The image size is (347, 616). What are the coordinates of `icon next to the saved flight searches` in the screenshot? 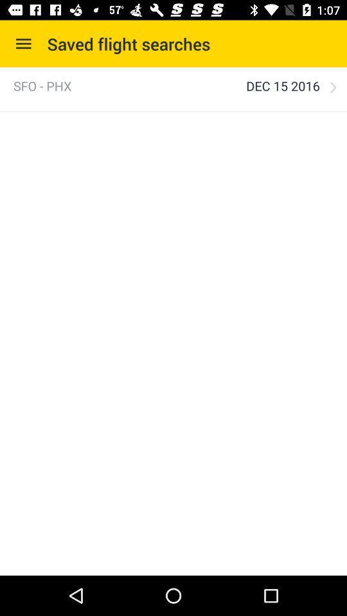 It's located at (23, 44).